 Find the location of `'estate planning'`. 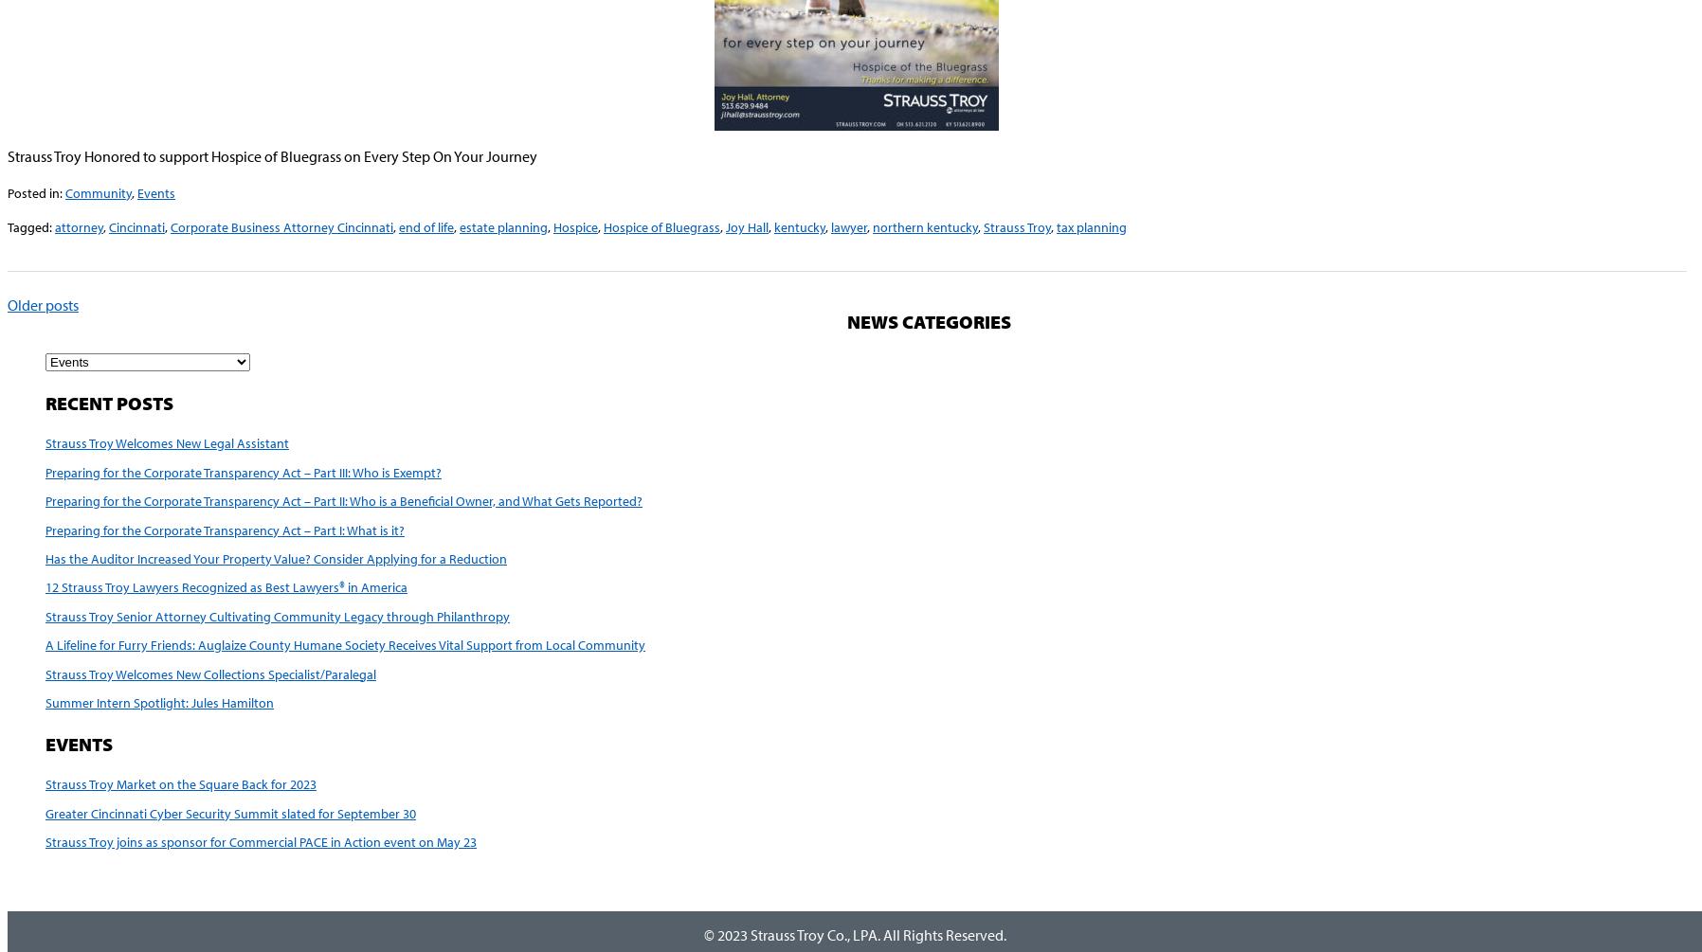

'estate planning' is located at coordinates (502, 225).